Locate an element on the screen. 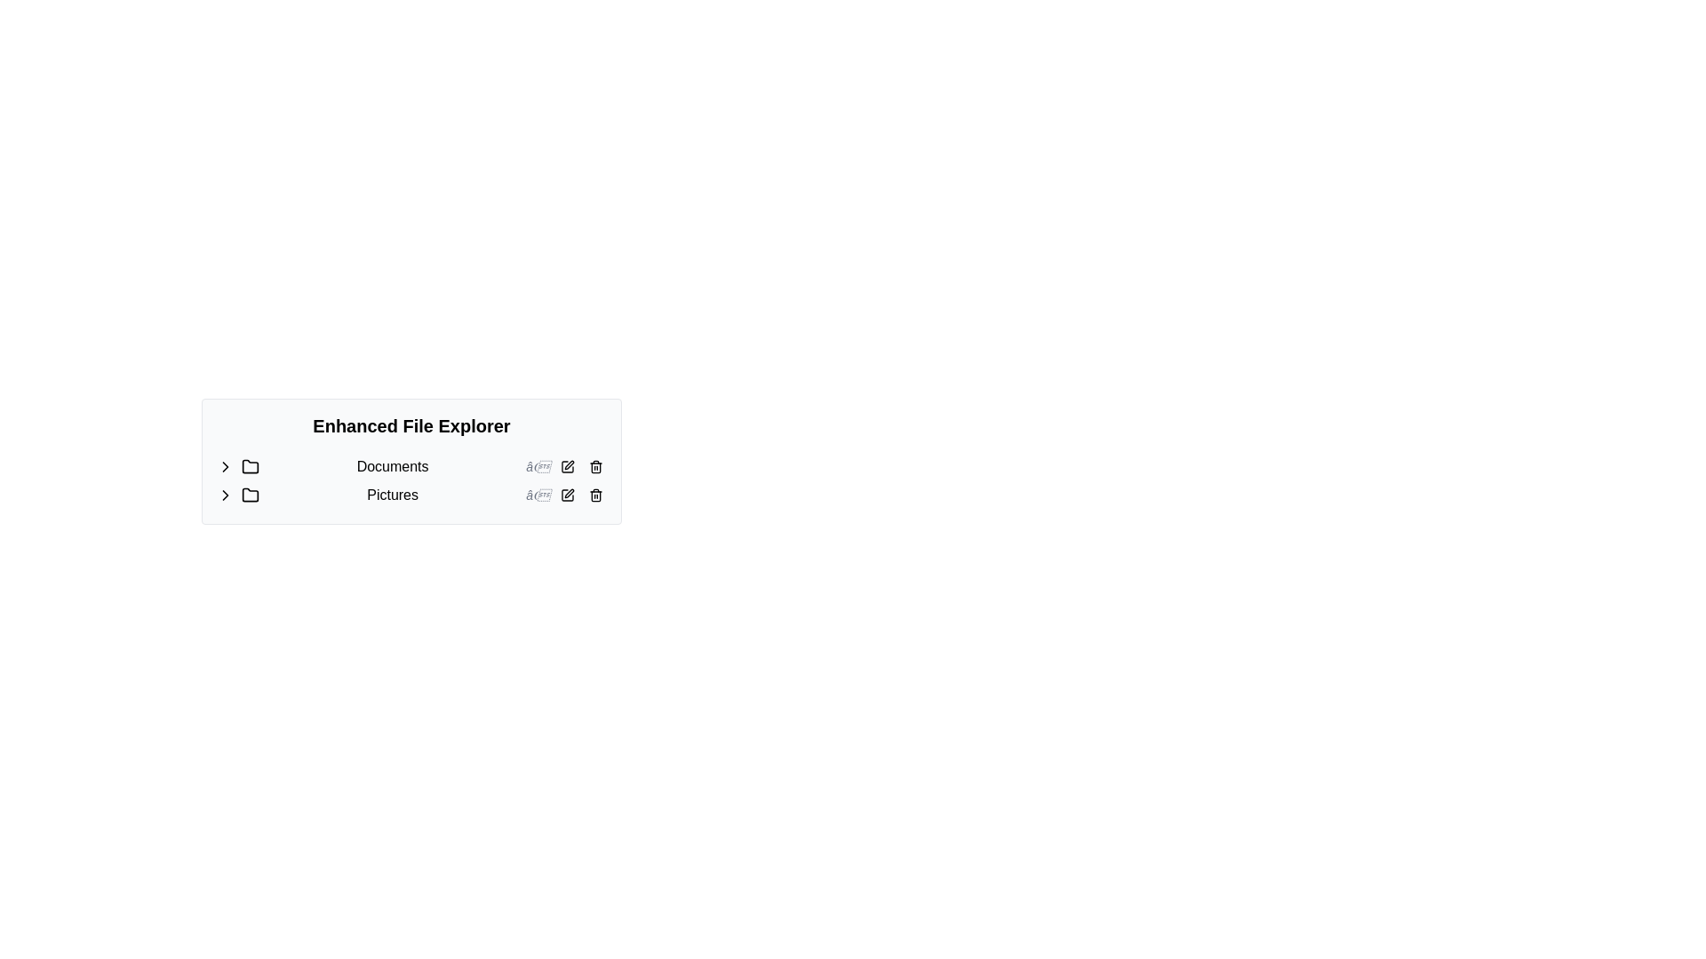  the static text label that provides auxiliary or explanatory information about the 'Documents' item, located to the right of the 'Documents' label in the second row of a list is located at coordinates (537, 465).